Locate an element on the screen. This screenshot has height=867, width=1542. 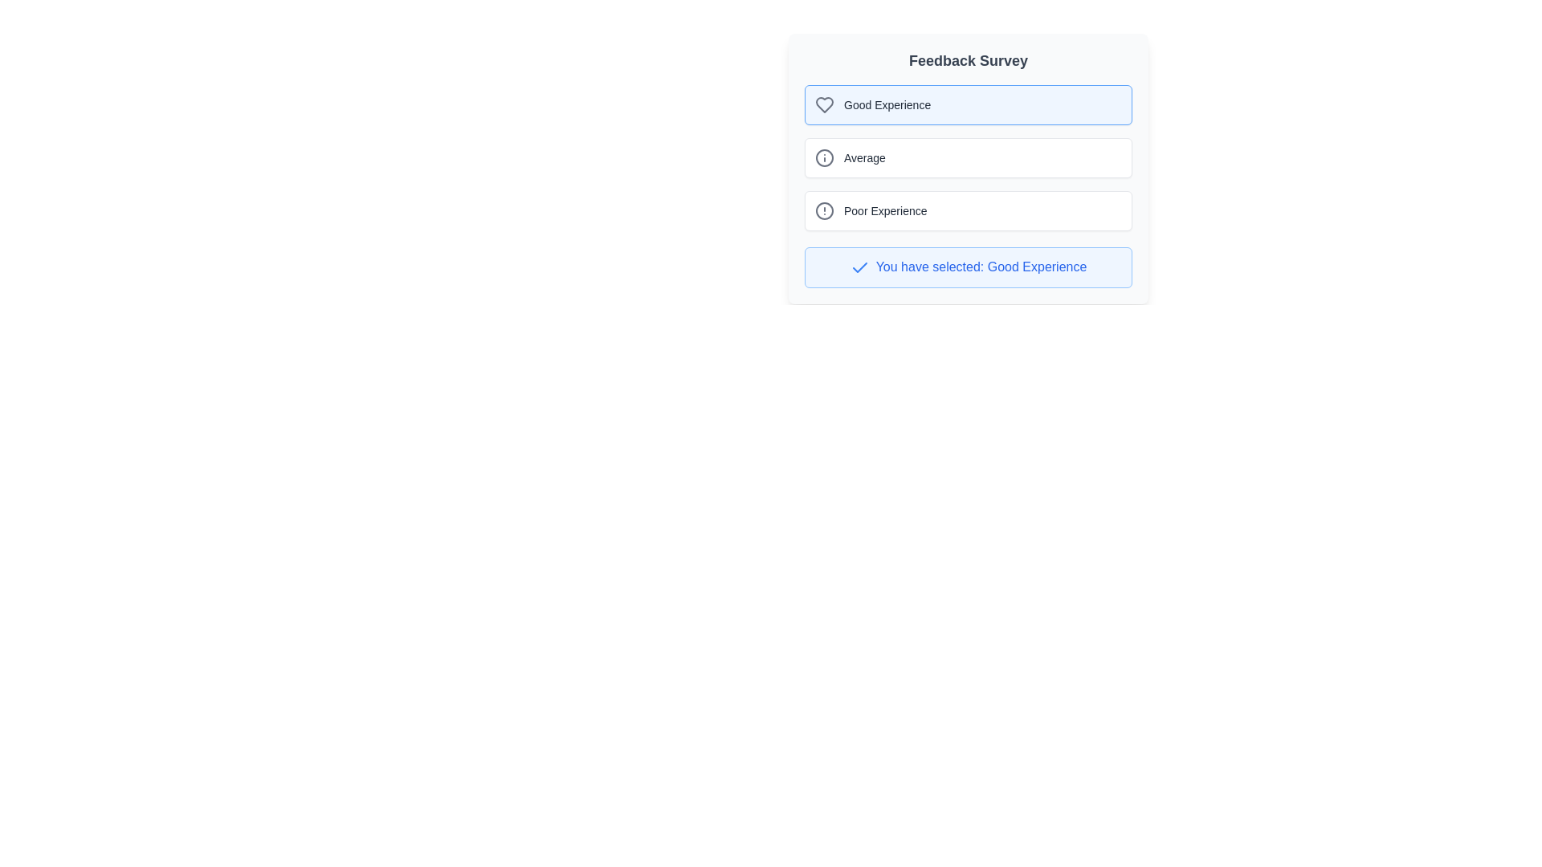
the small blue check mark icon located next to the text 'You have selected: Good Experience' within the blue-bordered card is located at coordinates (859, 267).